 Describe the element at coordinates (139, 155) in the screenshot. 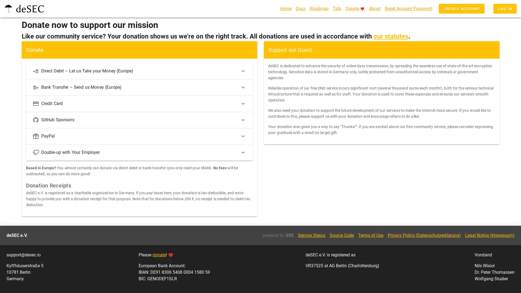

I see `Double-up with Your Employer` at that location.